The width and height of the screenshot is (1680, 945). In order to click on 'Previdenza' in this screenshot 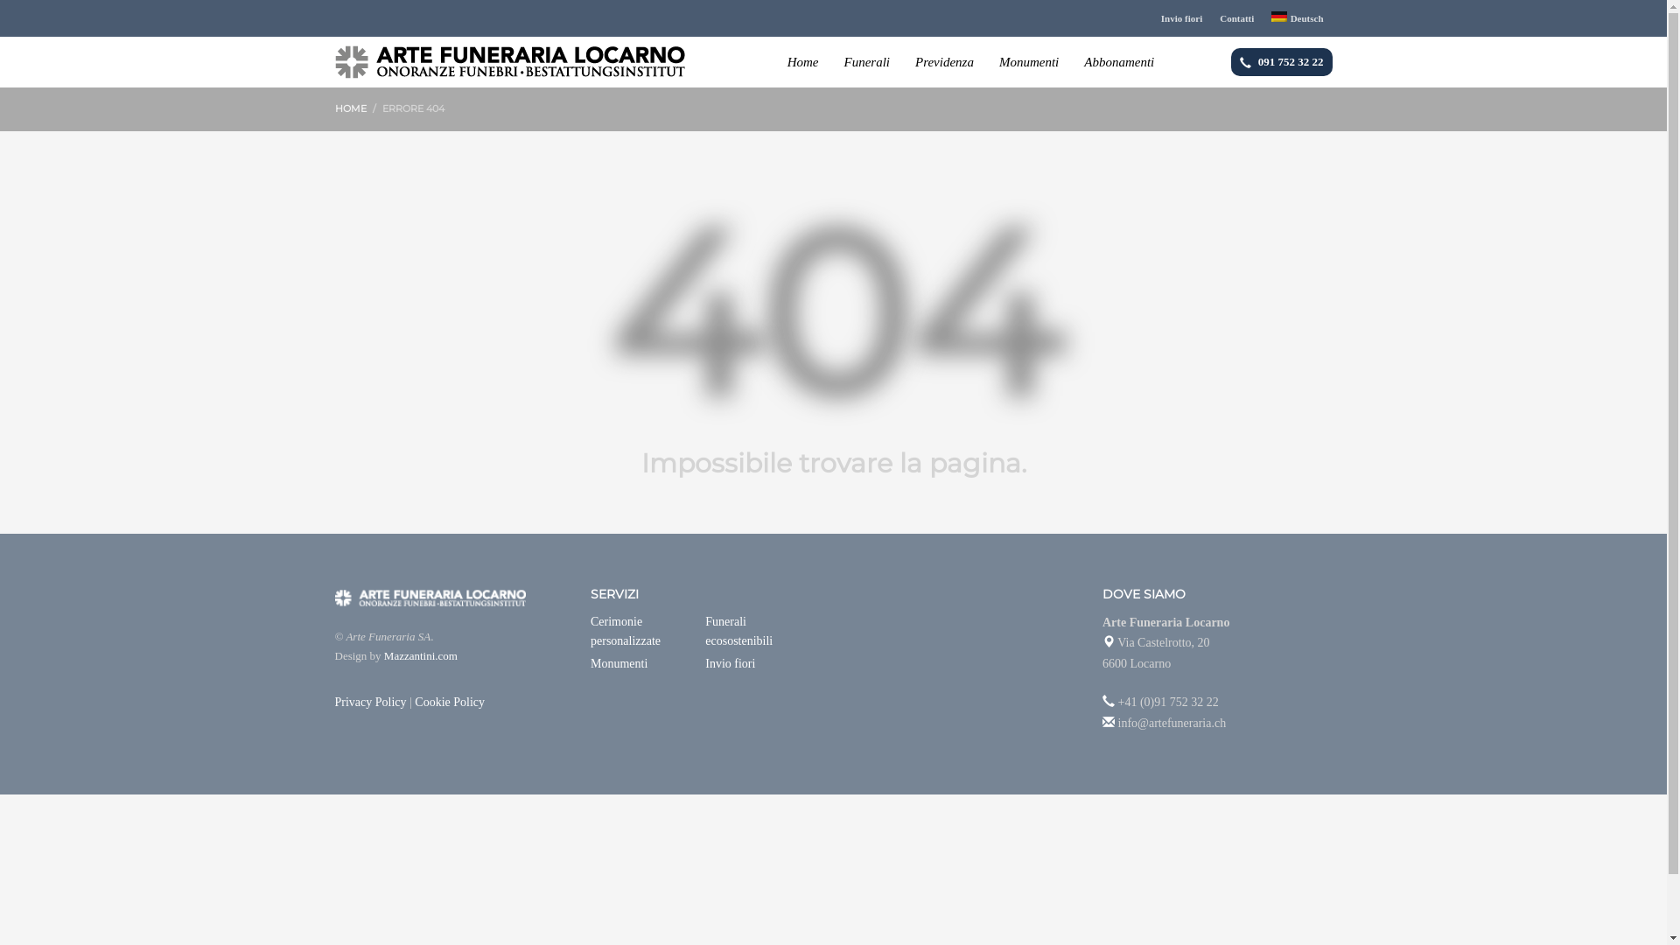, I will do `click(943, 60)`.